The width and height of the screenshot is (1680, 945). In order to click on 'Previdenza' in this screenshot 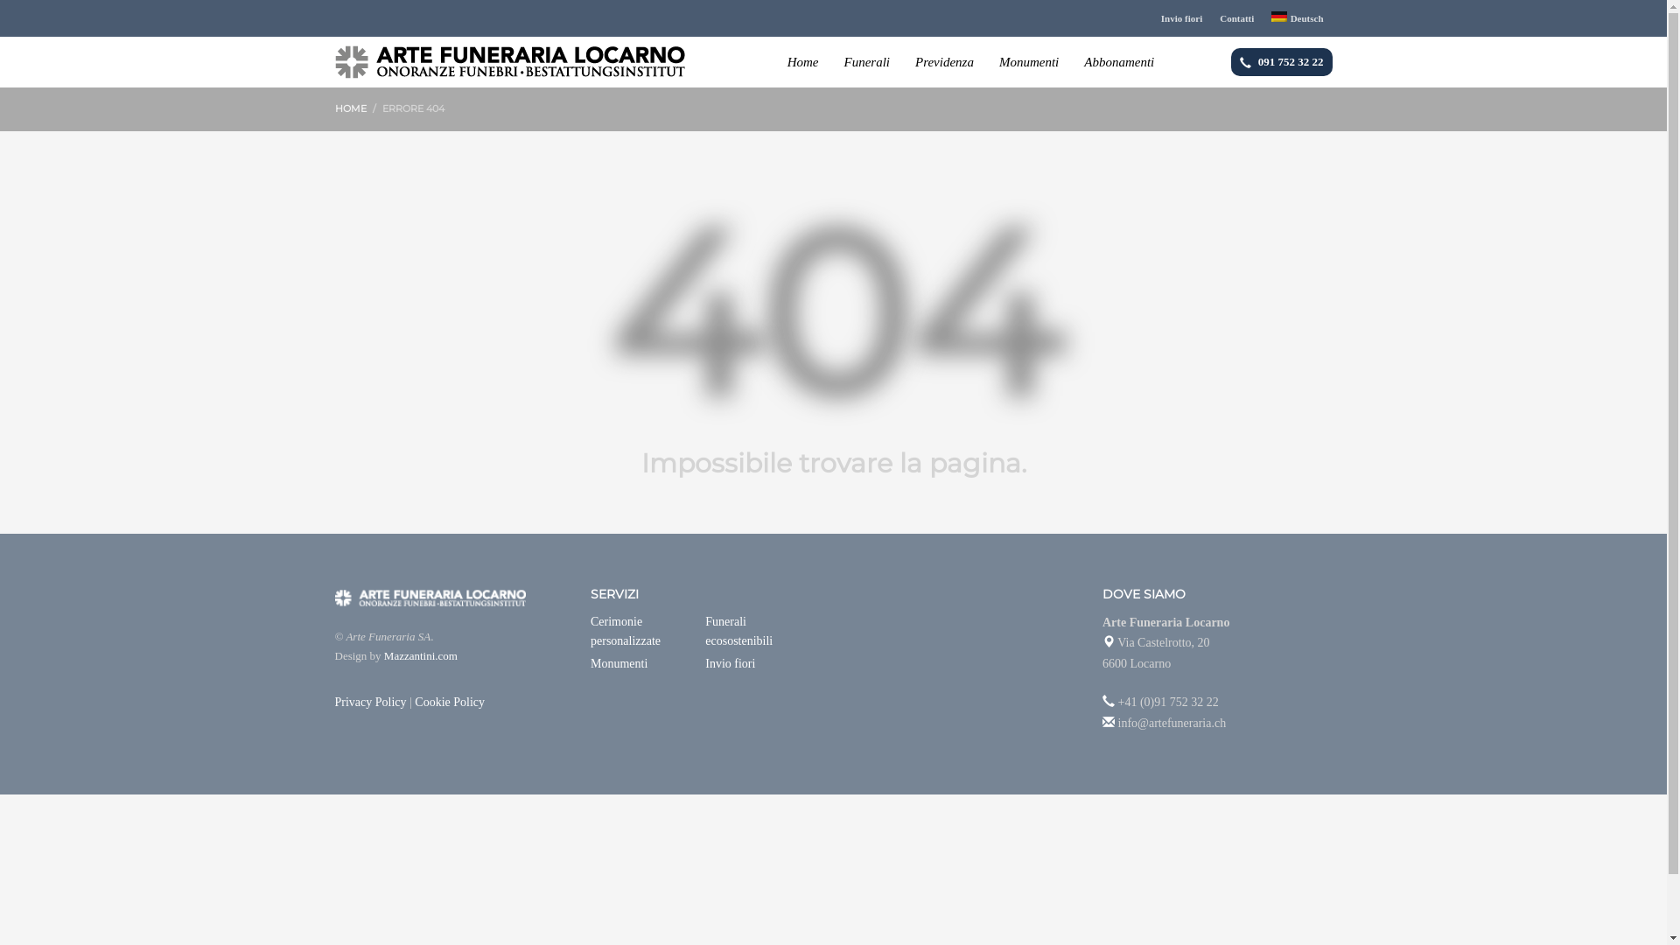, I will do `click(943, 60)`.